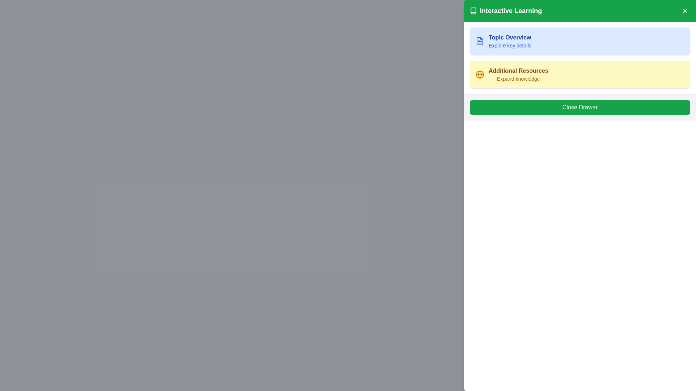  Describe the element at coordinates (480, 74) in the screenshot. I see `the decorative SVG circle element representing a globe icon within the interactive sidebar interface` at that location.